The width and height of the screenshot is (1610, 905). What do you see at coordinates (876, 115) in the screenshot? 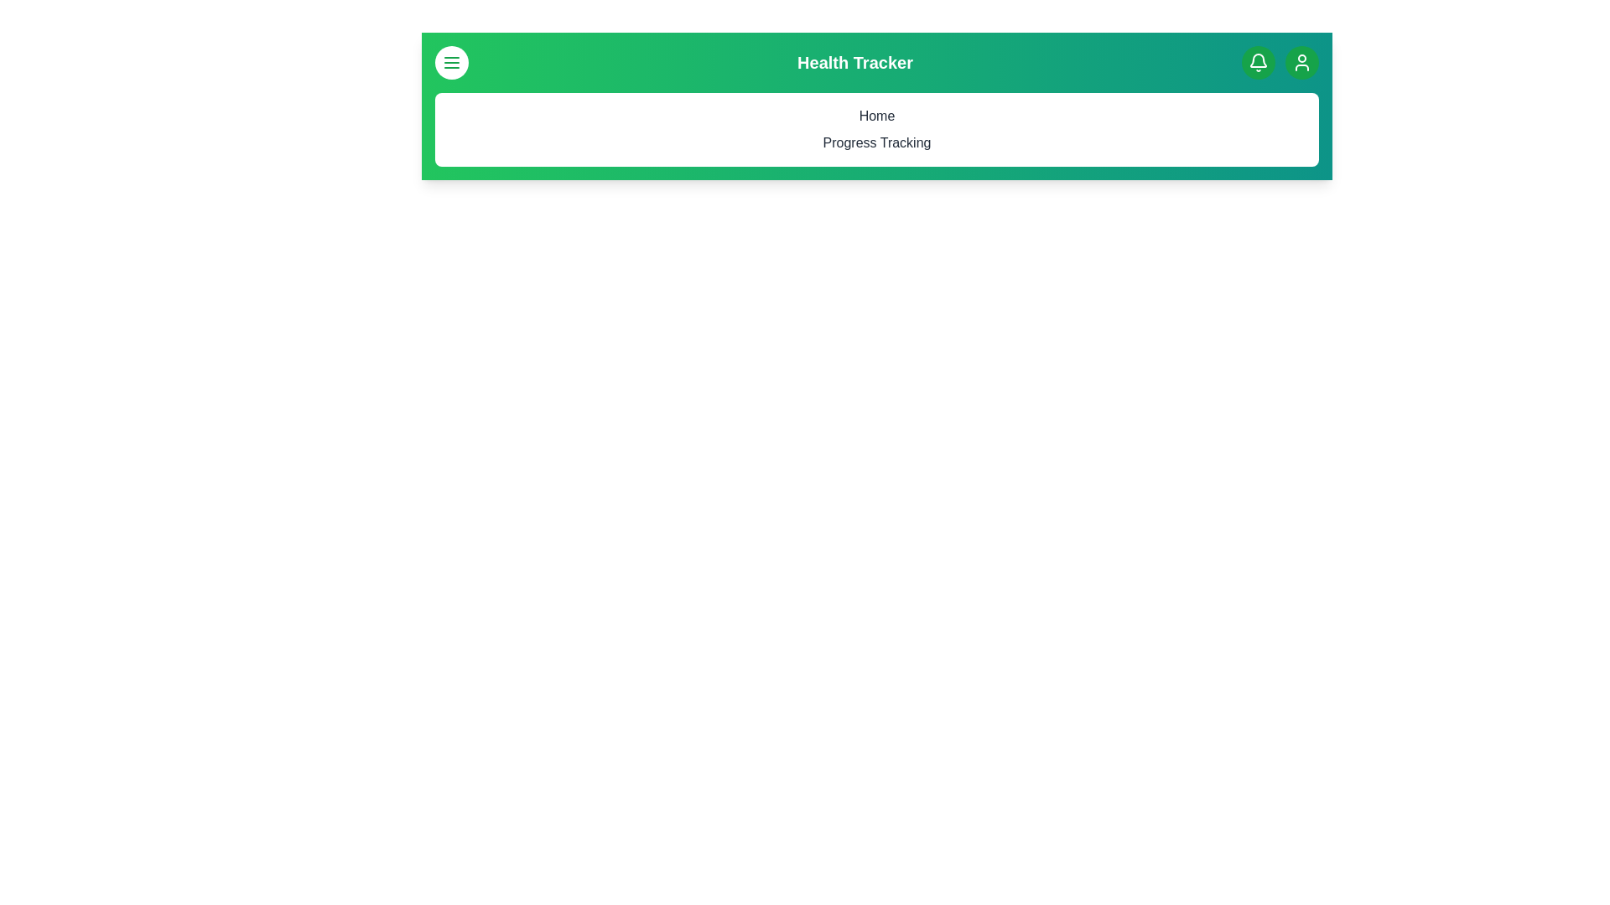
I see `the menu item Home to navigate to its respective section` at bounding box center [876, 115].